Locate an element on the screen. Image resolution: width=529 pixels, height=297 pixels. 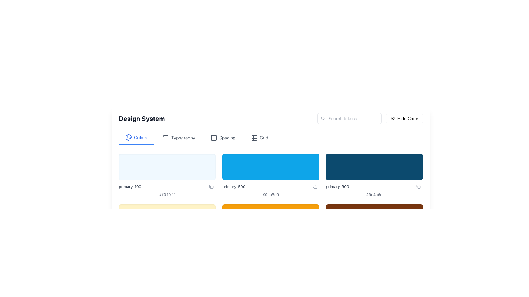
the first dark blue color swatch with rounded corners located in the fourth column of the grid layout is located at coordinates (374, 166).